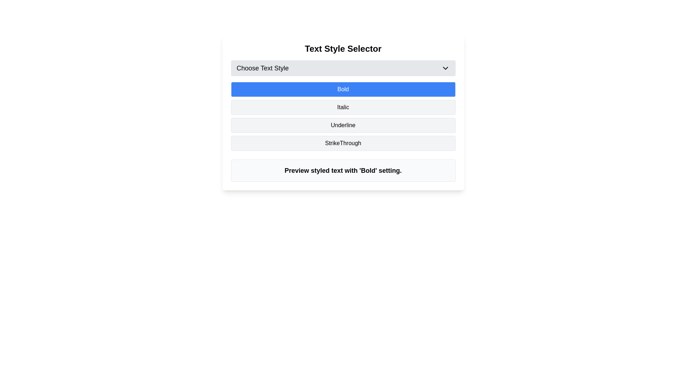 This screenshot has width=691, height=388. What do you see at coordinates (343, 89) in the screenshot?
I see `the 'Bold' button, which is the first button in a vertical group of style buttons for text formatting` at bounding box center [343, 89].